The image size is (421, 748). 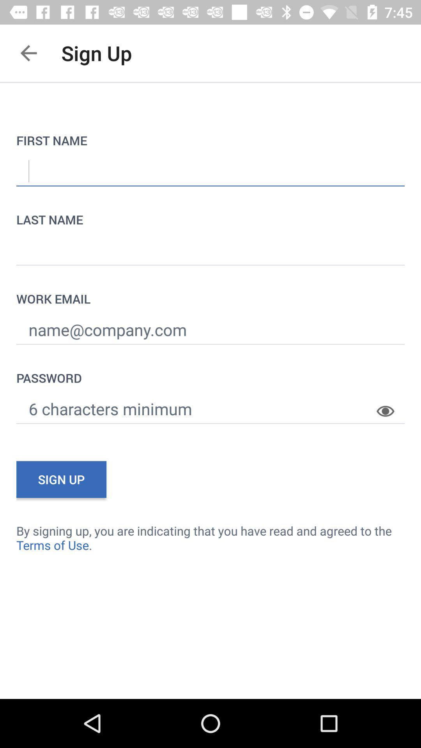 What do you see at coordinates (28, 53) in the screenshot?
I see `app next to the sign up icon` at bounding box center [28, 53].